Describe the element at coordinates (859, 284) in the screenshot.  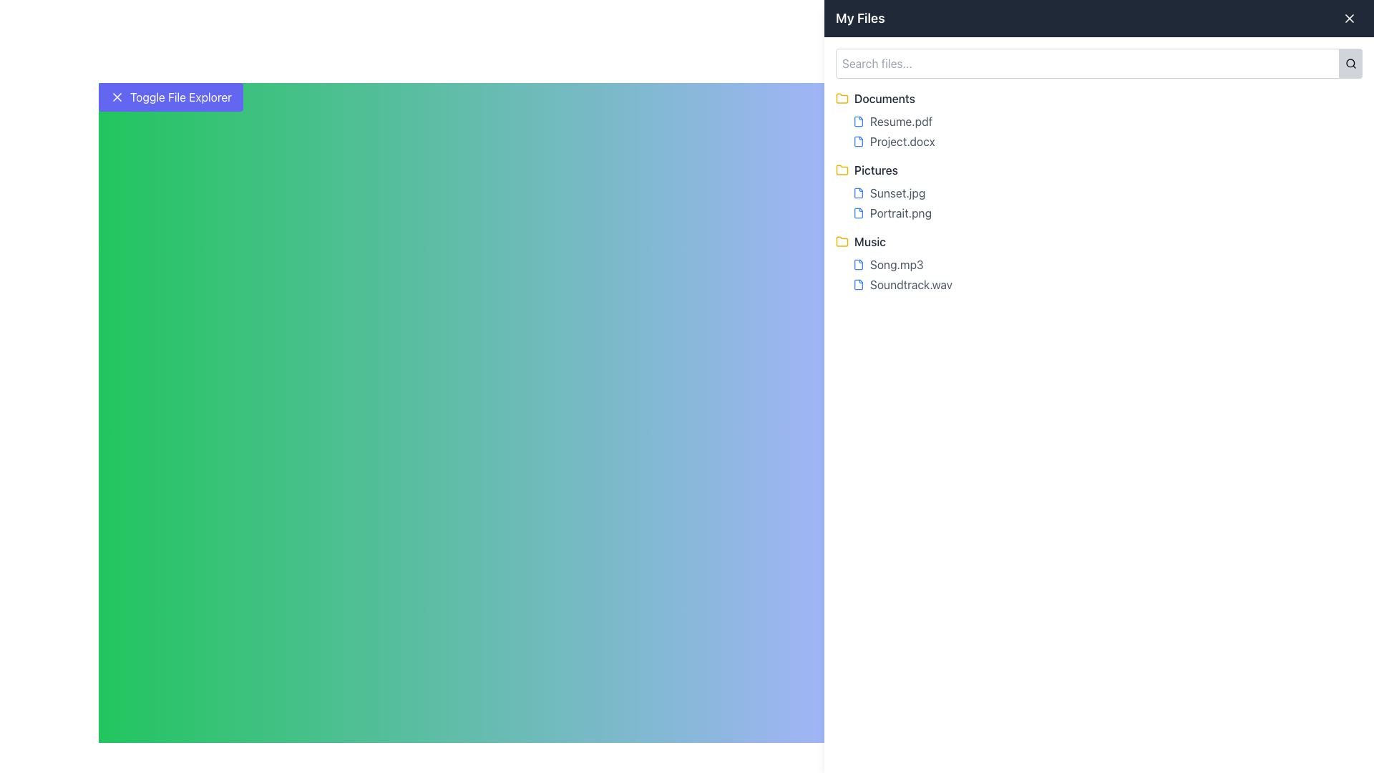
I see `the blue document file icon representing Soundtrack.wav located in the Music folder` at that location.